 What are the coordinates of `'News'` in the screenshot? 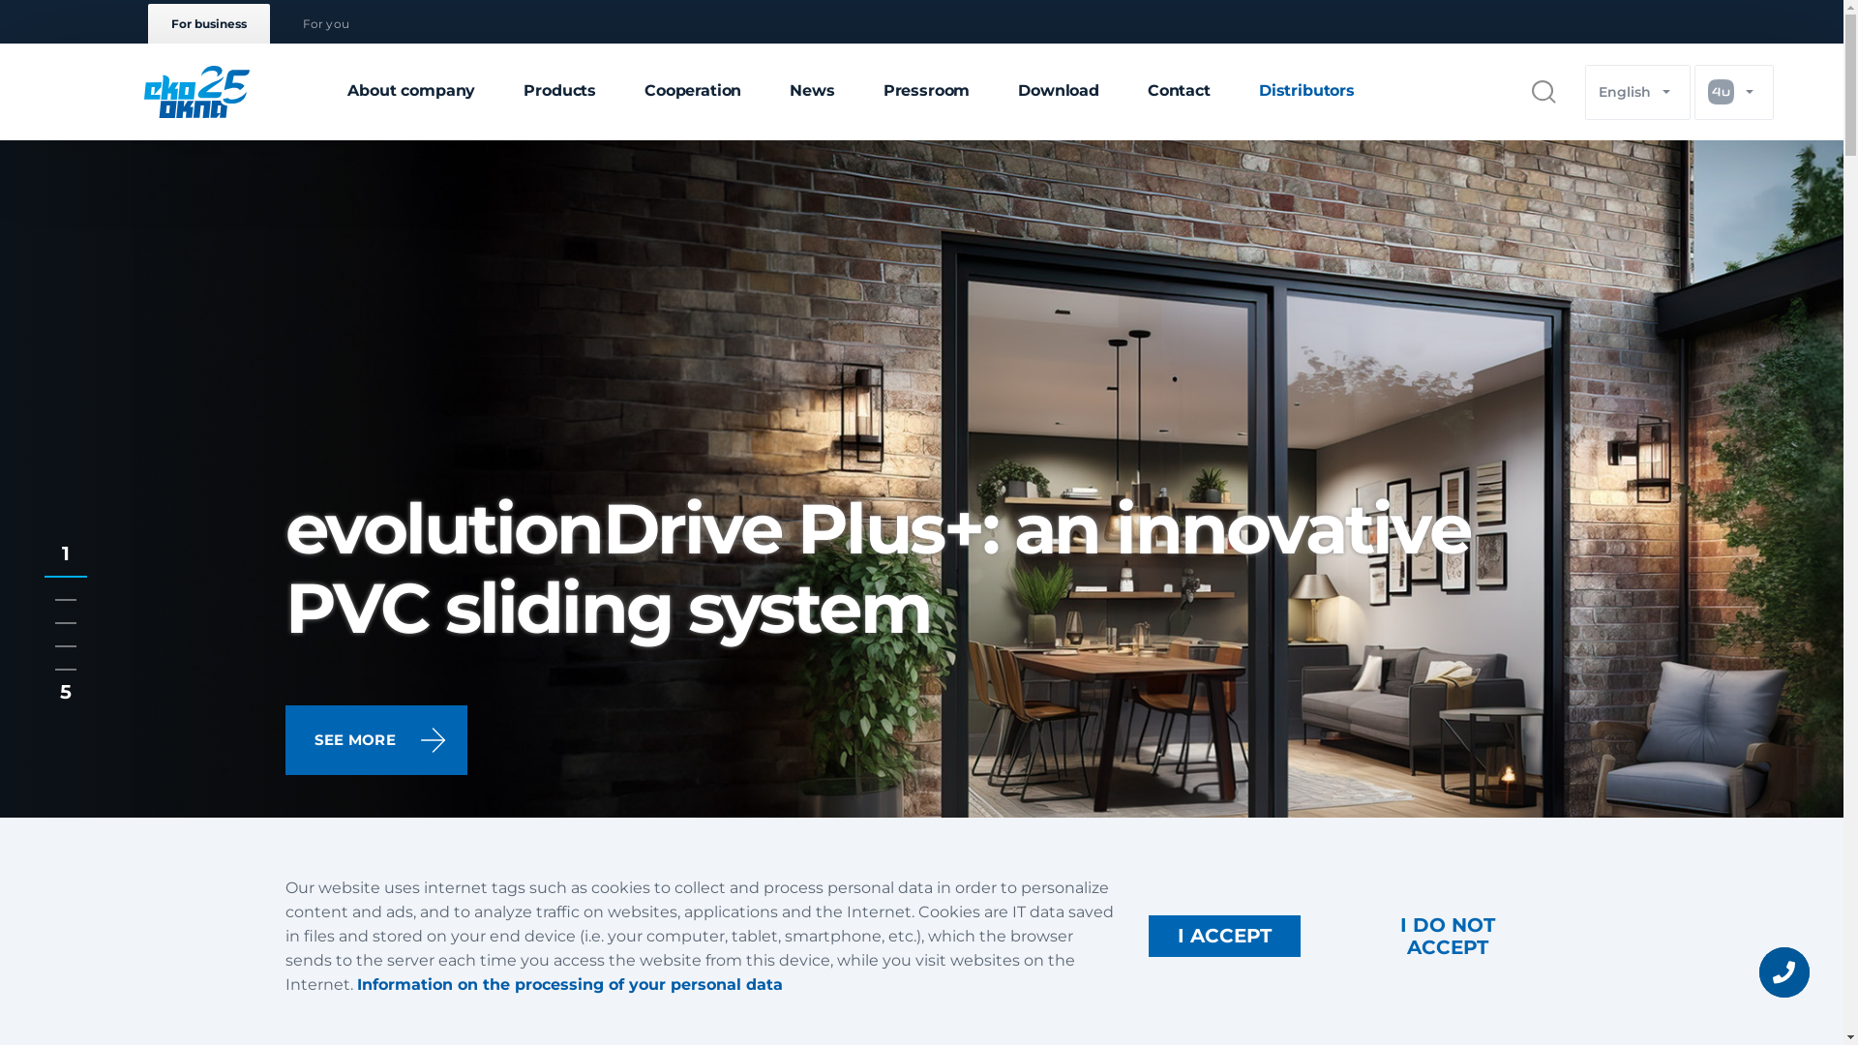 It's located at (812, 92).